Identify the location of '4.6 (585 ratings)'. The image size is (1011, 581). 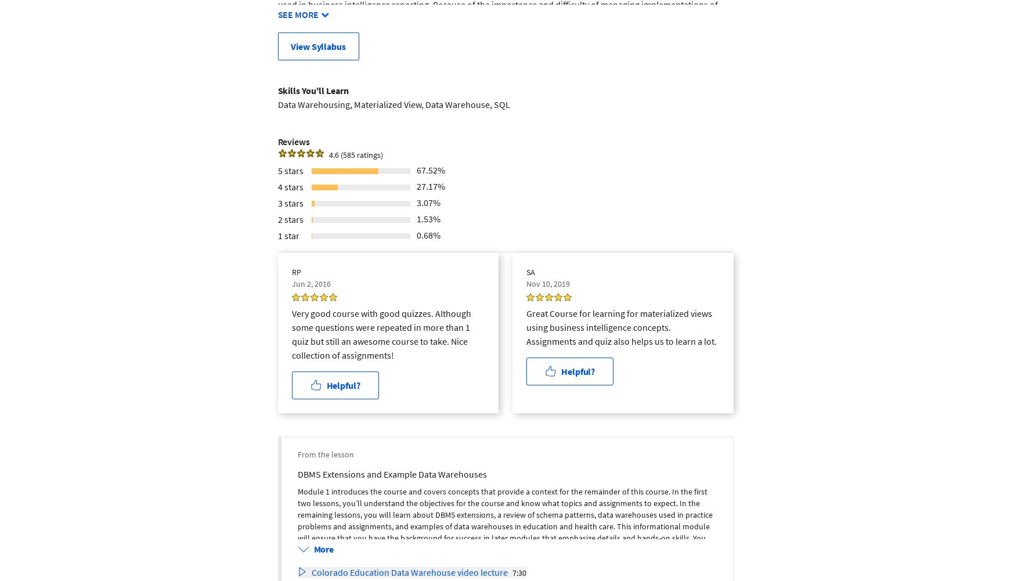
(355, 153).